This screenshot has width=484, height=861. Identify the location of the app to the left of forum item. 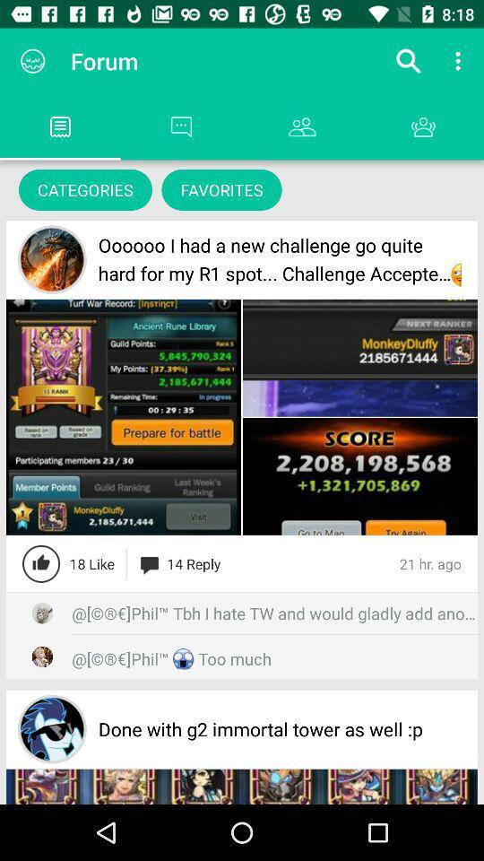
(32, 61).